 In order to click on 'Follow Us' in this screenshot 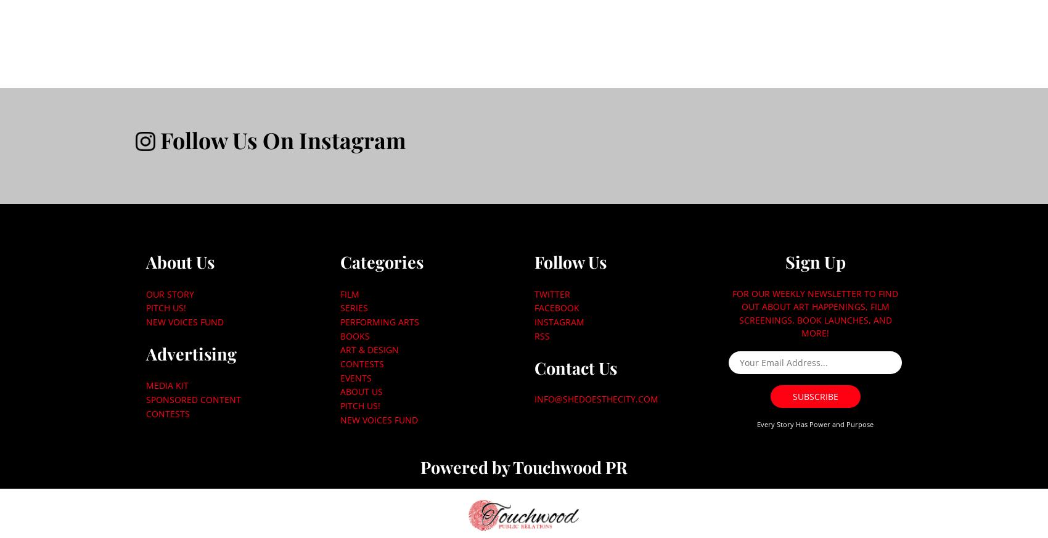, I will do `click(533, 261)`.